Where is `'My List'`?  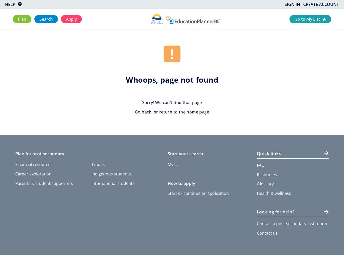
'My List' is located at coordinates (174, 164).